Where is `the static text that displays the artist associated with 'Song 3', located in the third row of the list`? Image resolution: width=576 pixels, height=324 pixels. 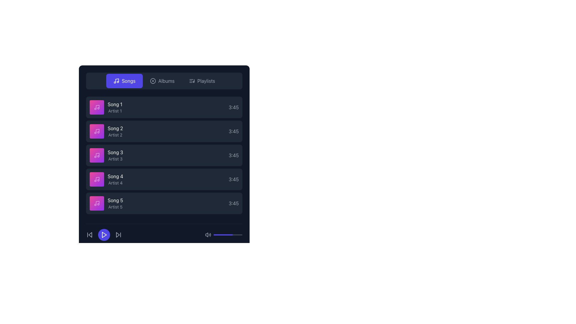 the static text that displays the artist associated with 'Song 3', located in the third row of the list is located at coordinates (115, 158).